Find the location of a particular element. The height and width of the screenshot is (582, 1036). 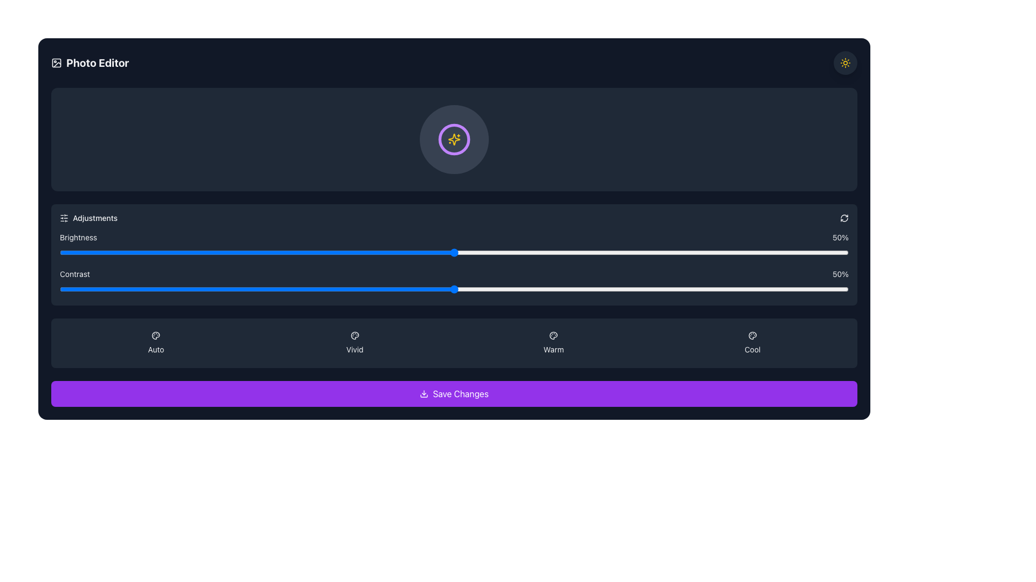

the icon within the 'Auto' button located in the leftmost slot of the horizontal options under the 'Adjustments' section is located at coordinates (155, 335).